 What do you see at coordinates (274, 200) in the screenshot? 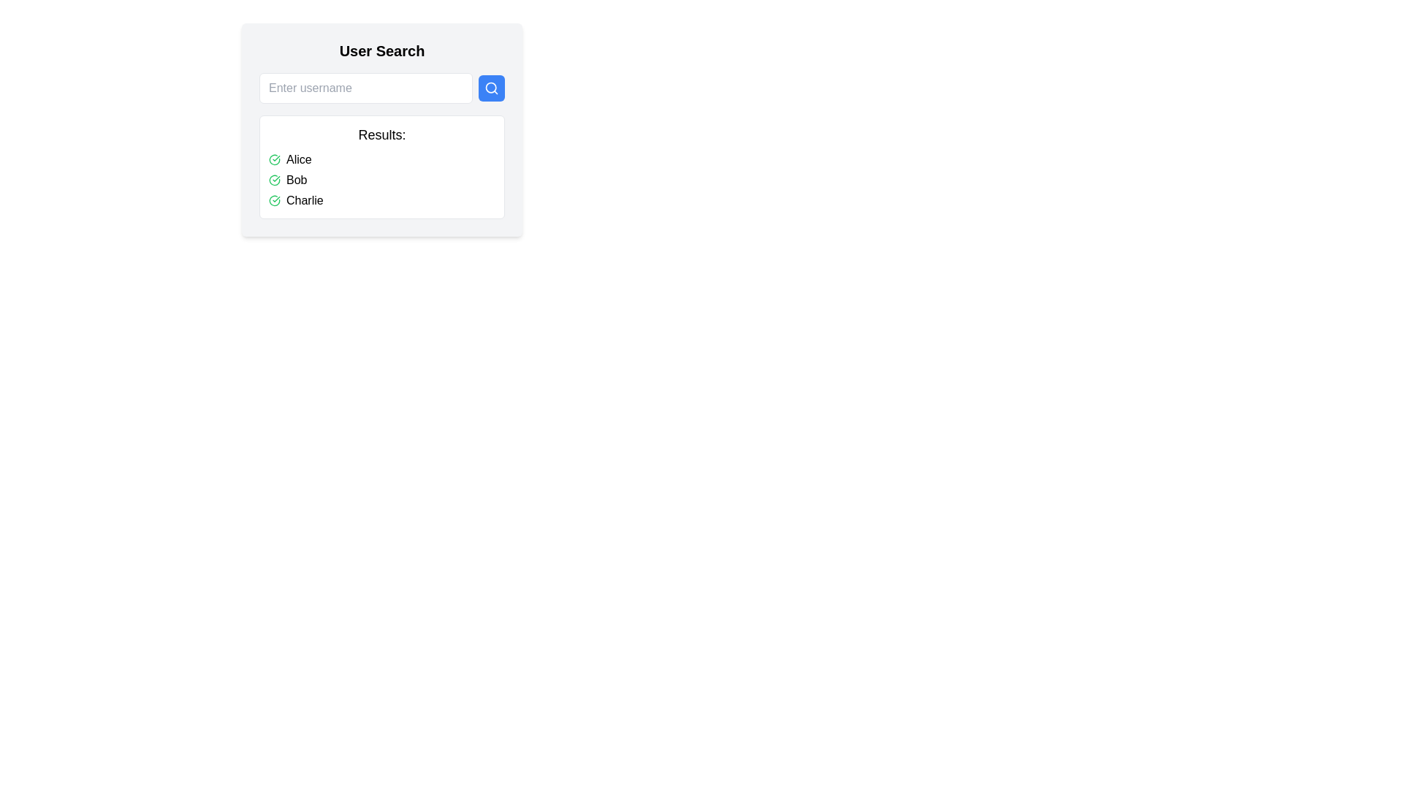
I see `the status indication of the green circled checkmark icon located on the left side of the 'Charlie' entry in the user search results panel` at bounding box center [274, 200].